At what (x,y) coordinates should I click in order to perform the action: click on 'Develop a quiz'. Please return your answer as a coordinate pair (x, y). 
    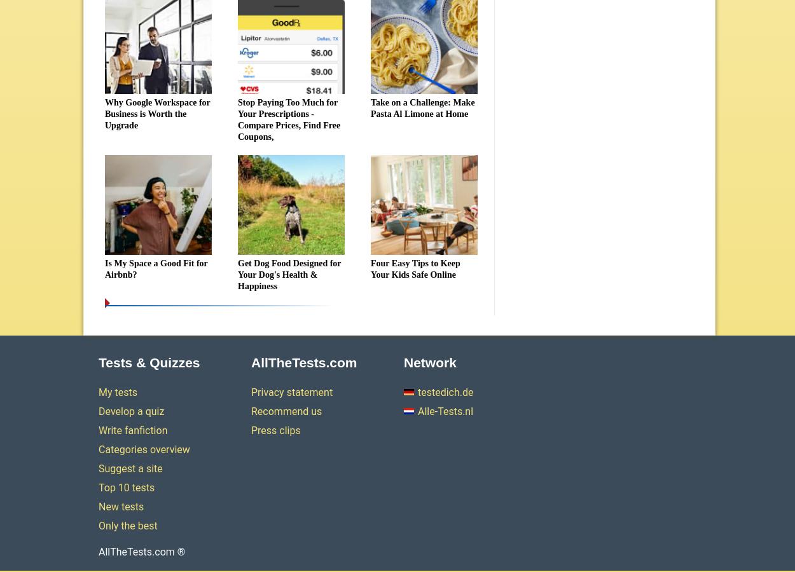
    Looking at the image, I should click on (130, 411).